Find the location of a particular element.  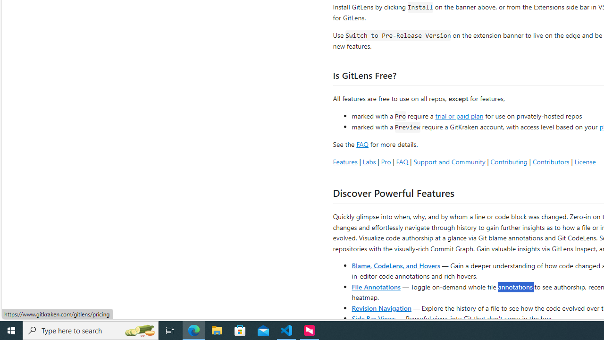

'Revision Navigation' is located at coordinates (381, 307).